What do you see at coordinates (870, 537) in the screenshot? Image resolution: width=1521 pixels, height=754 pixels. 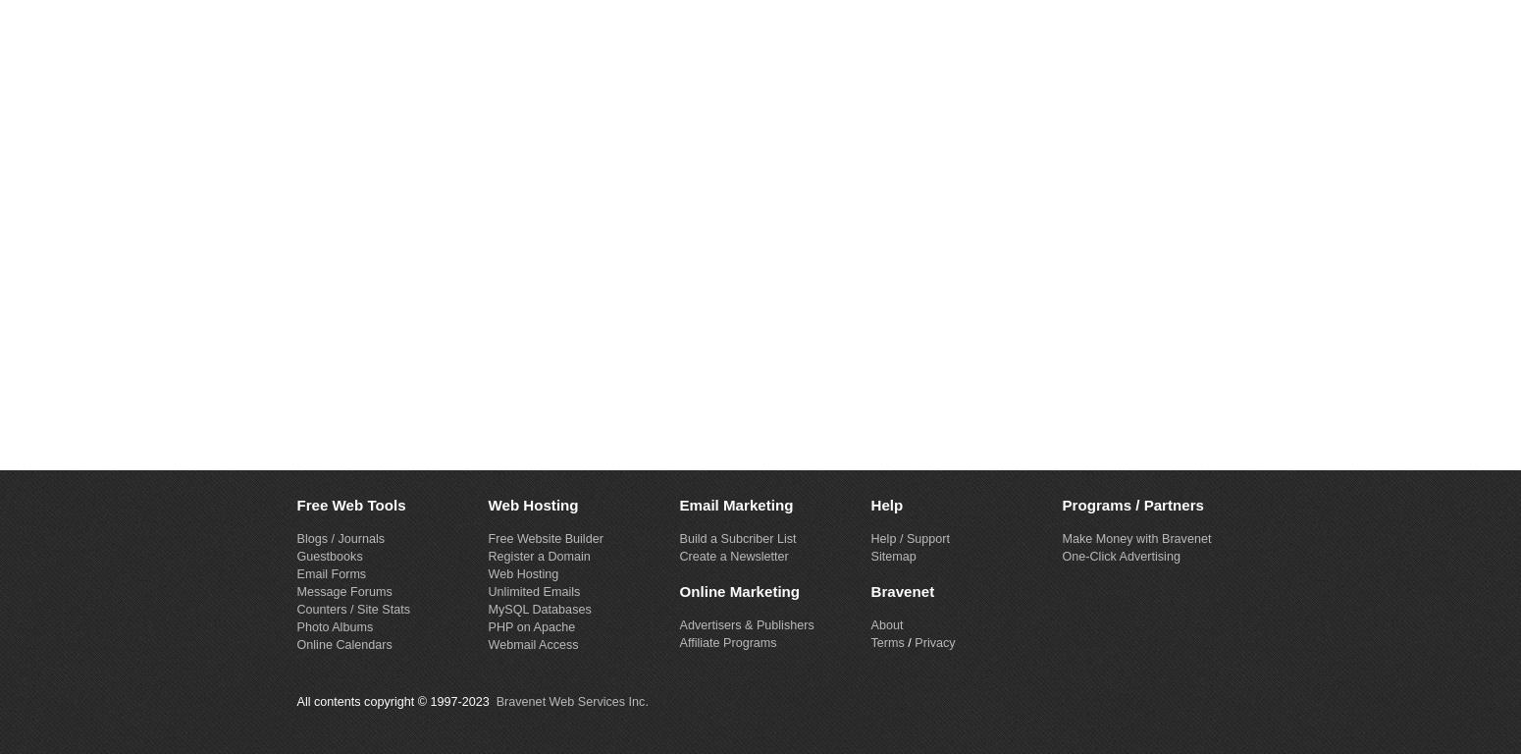 I see `'Help / Support'` at bounding box center [870, 537].